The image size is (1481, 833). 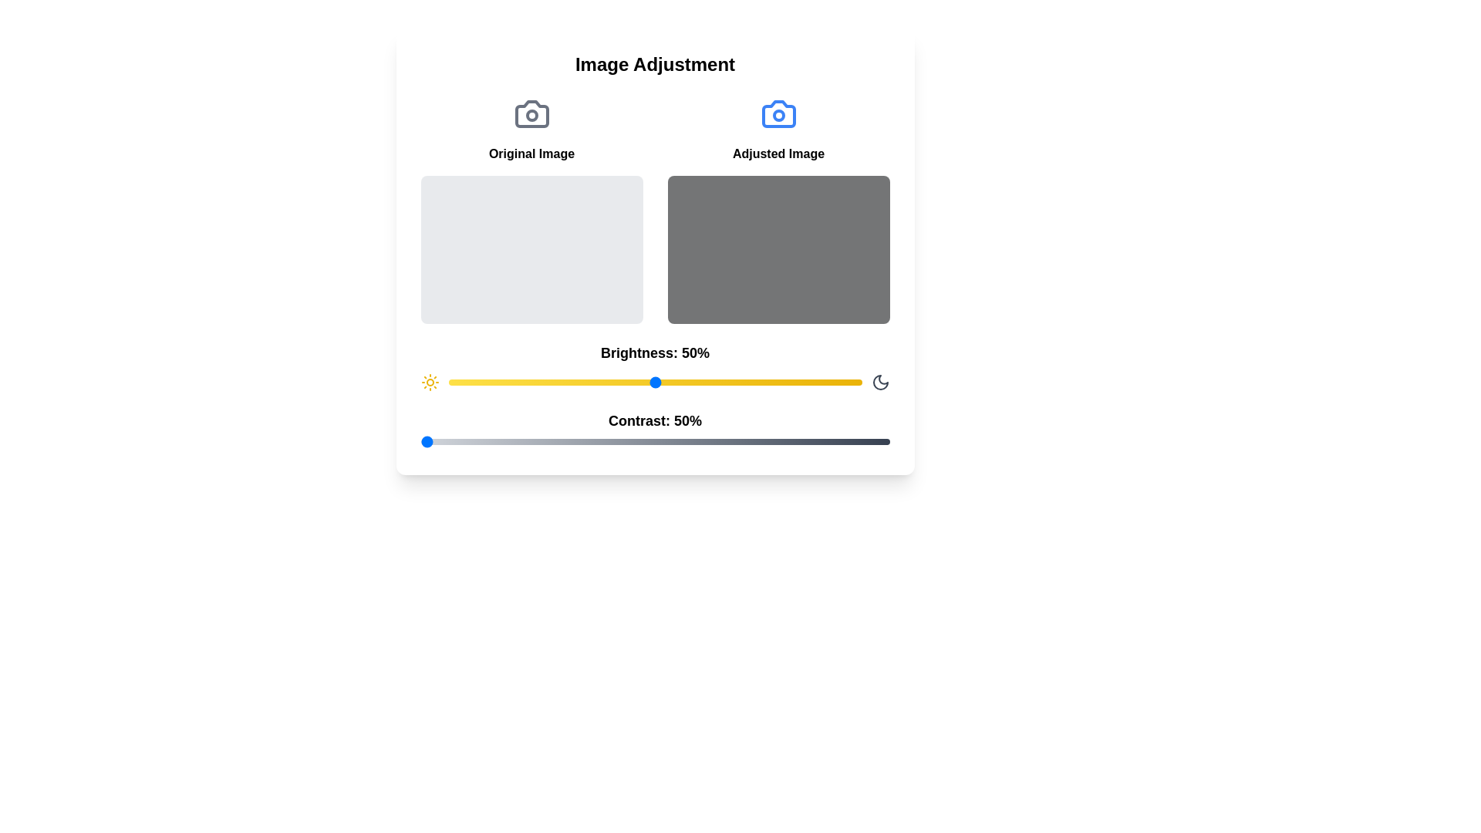 What do you see at coordinates (531, 154) in the screenshot?
I see `text of the Text label that identifies the original image display, positioned below the camera icon and aligned with the 'Adjusted Image' label` at bounding box center [531, 154].